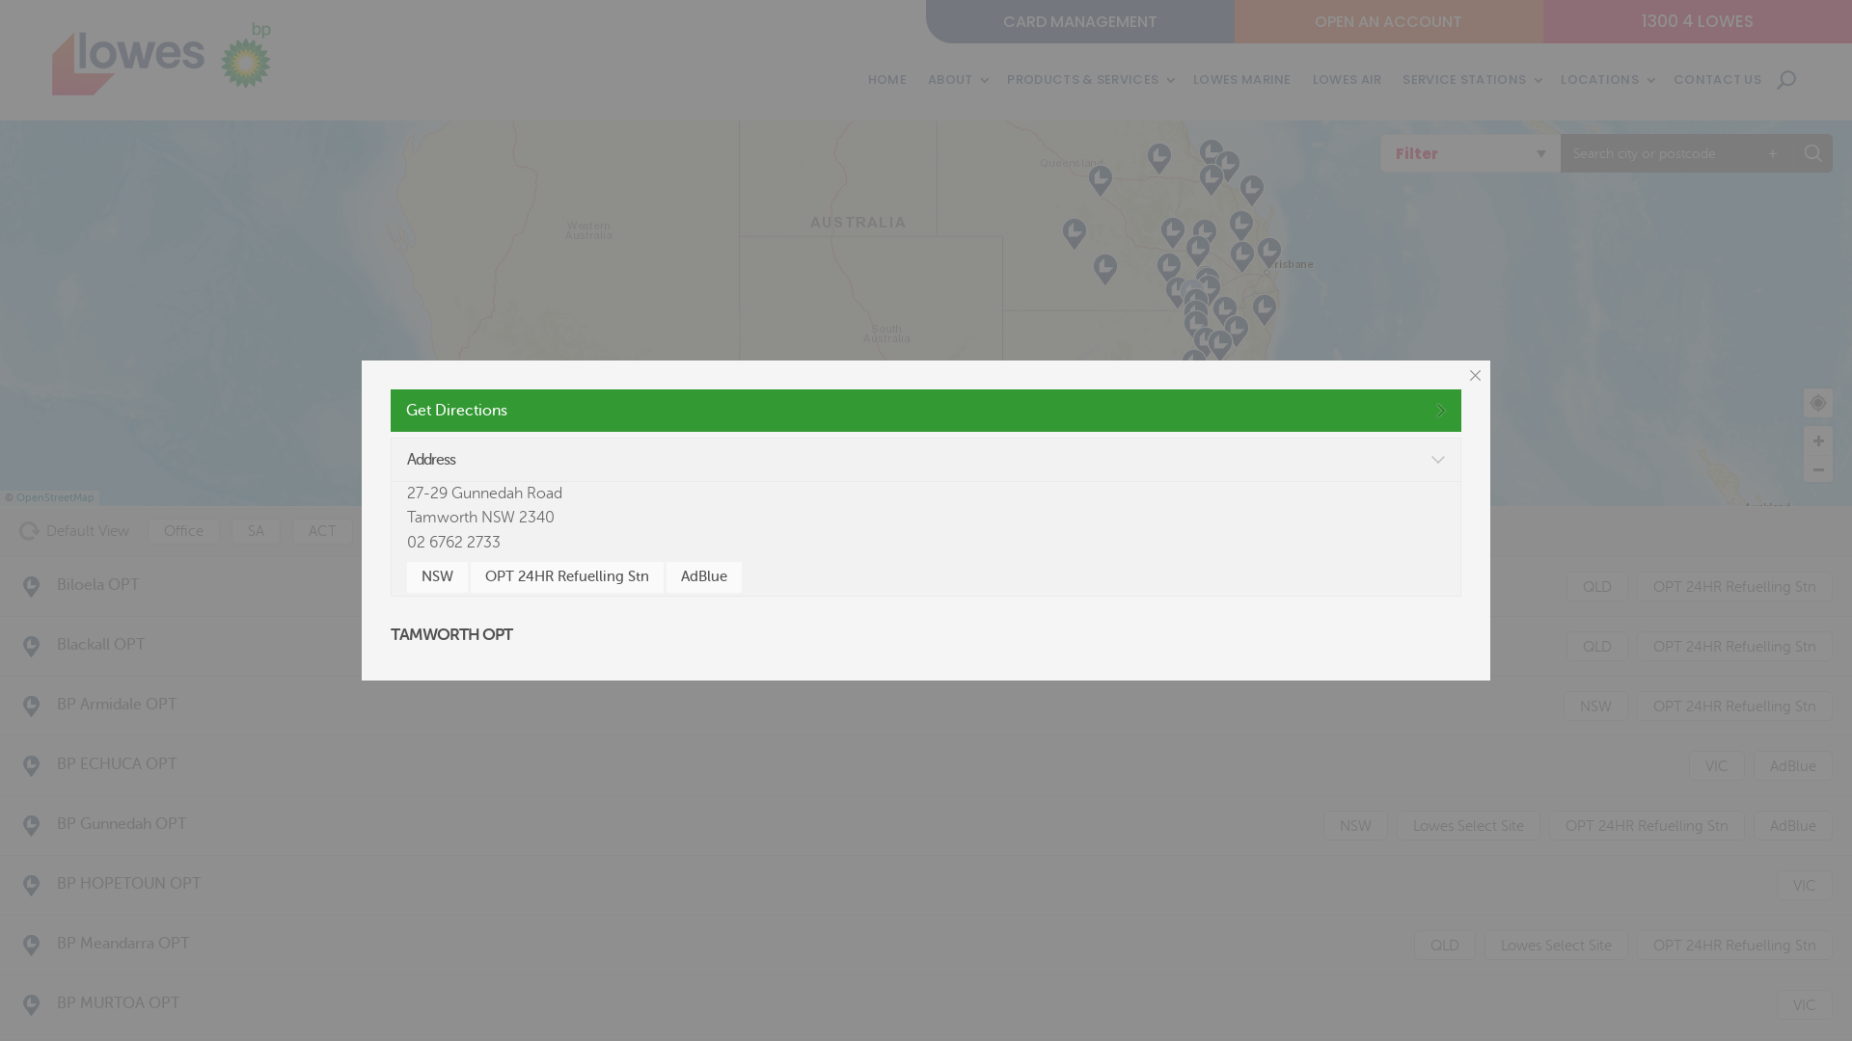 The height and width of the screenshot is (1041, 1852). What do you see at coordinates (322, 531) in the screenshot?
I see `'ACT'` at bounding box center [322, 531].